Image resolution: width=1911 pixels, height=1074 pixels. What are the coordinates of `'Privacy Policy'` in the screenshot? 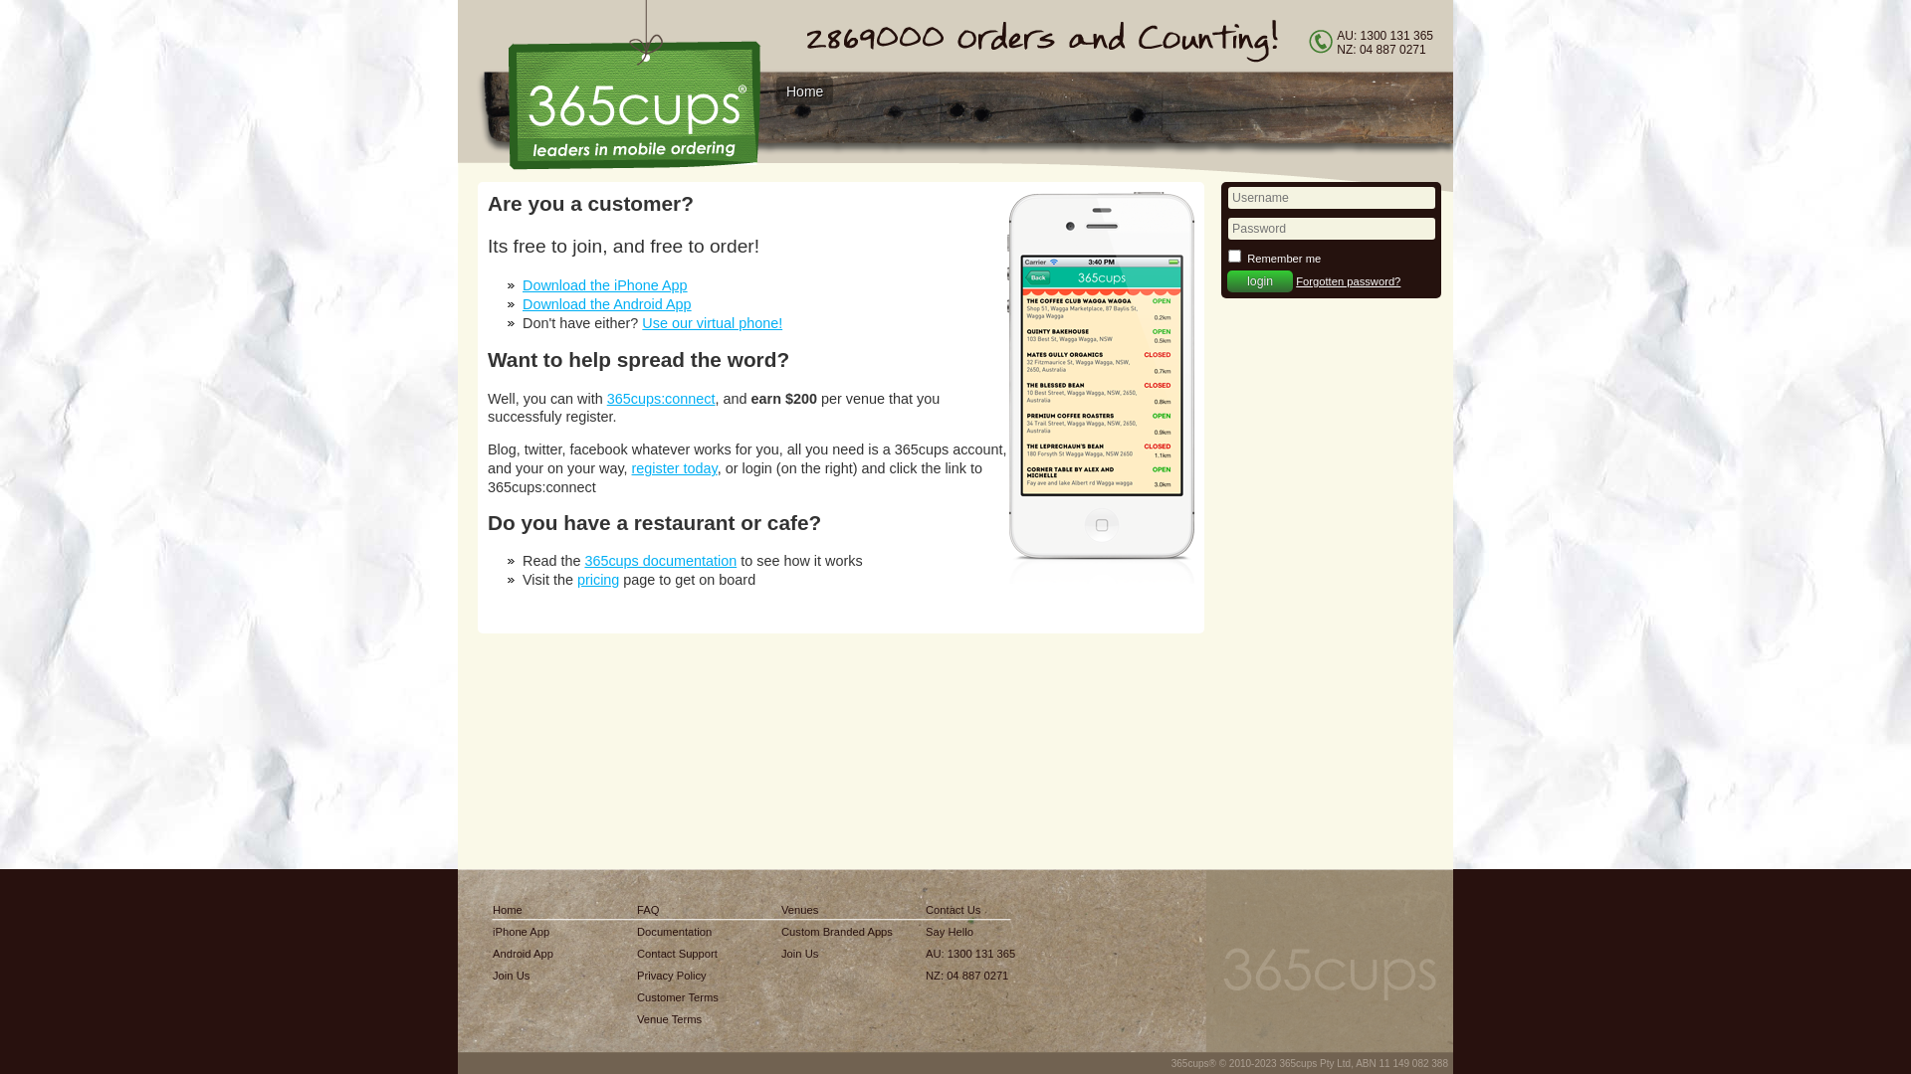 It's located at (678, 974).